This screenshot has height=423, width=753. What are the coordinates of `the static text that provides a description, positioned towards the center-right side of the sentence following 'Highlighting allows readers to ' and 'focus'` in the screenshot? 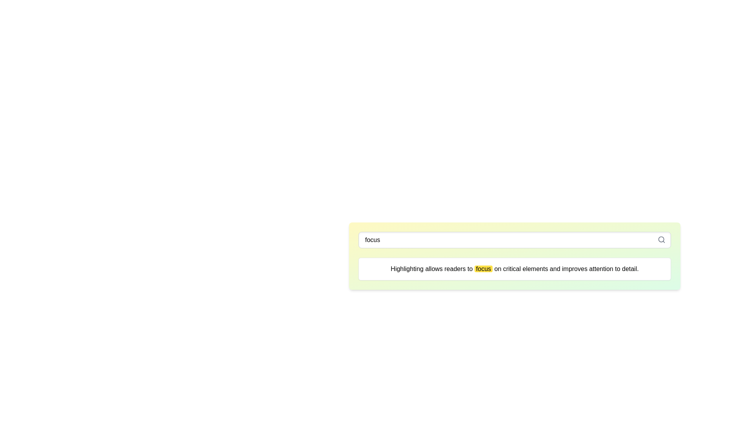 It's located at (566, 268).